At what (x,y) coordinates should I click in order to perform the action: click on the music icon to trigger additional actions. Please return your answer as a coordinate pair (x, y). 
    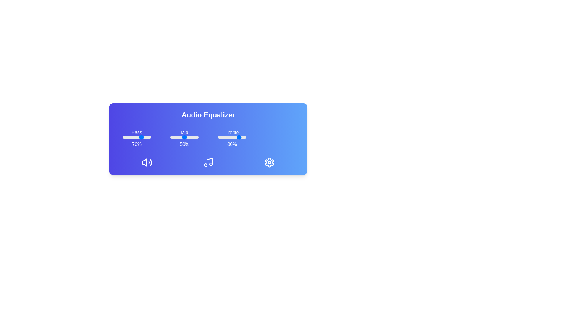
    Looking at the image, I should click on (208, 163).